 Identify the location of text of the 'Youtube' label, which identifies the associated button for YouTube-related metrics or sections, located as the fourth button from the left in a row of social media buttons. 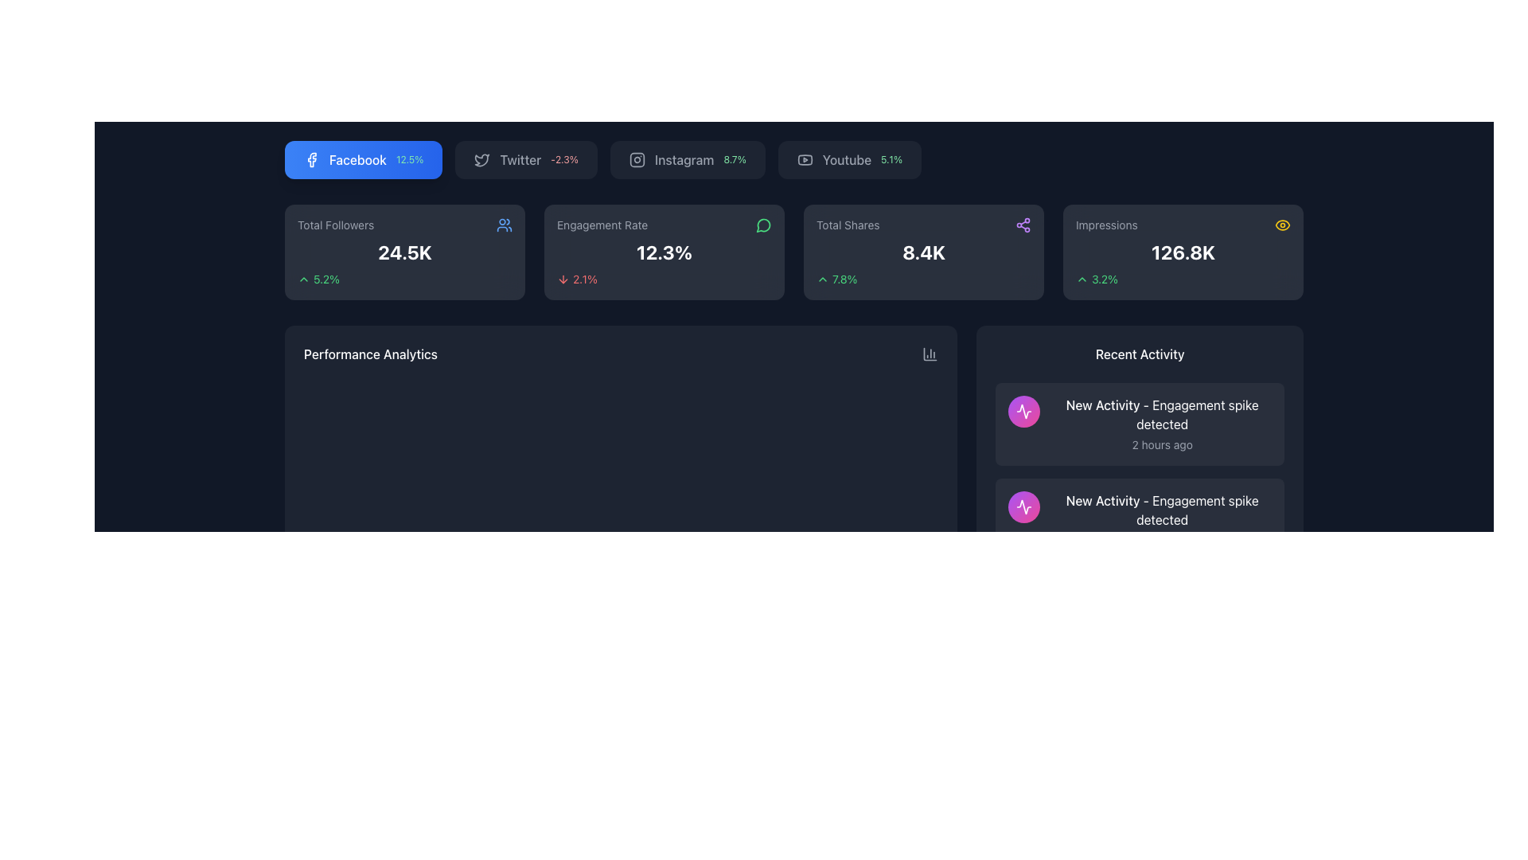
(846, 159).